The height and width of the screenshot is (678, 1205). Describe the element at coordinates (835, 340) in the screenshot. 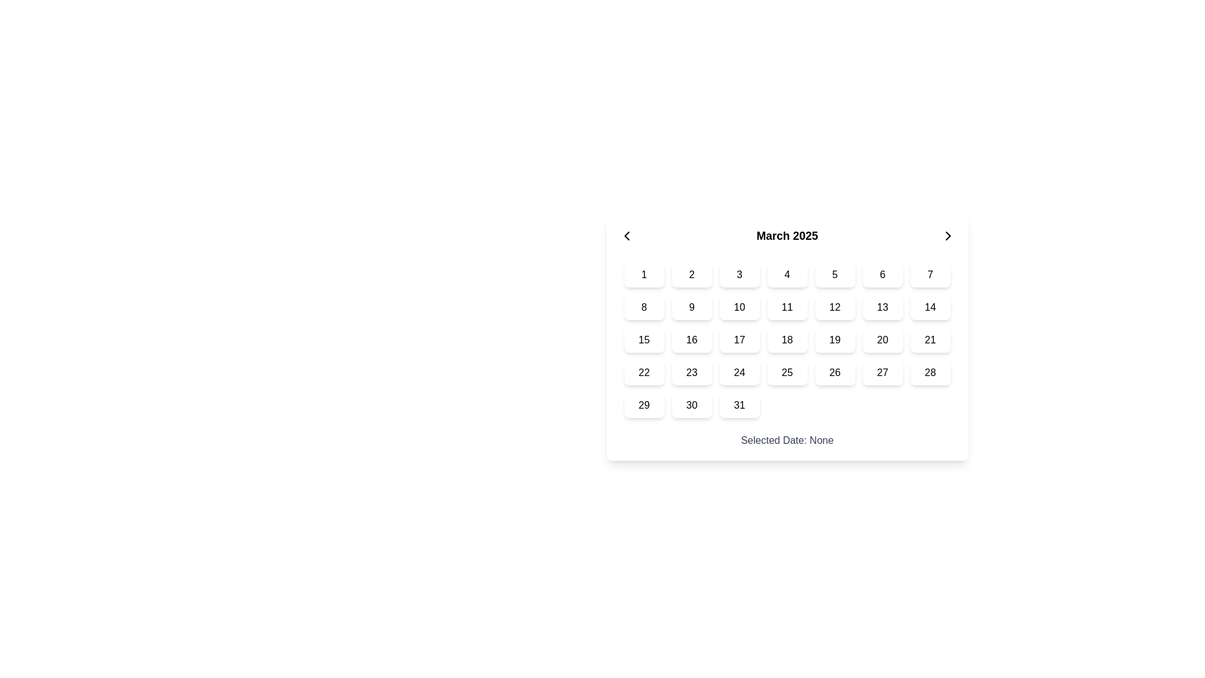

I see `the rectangular button labeled '19' located in the third row and sixth column of the calendar grid layout` at that location.